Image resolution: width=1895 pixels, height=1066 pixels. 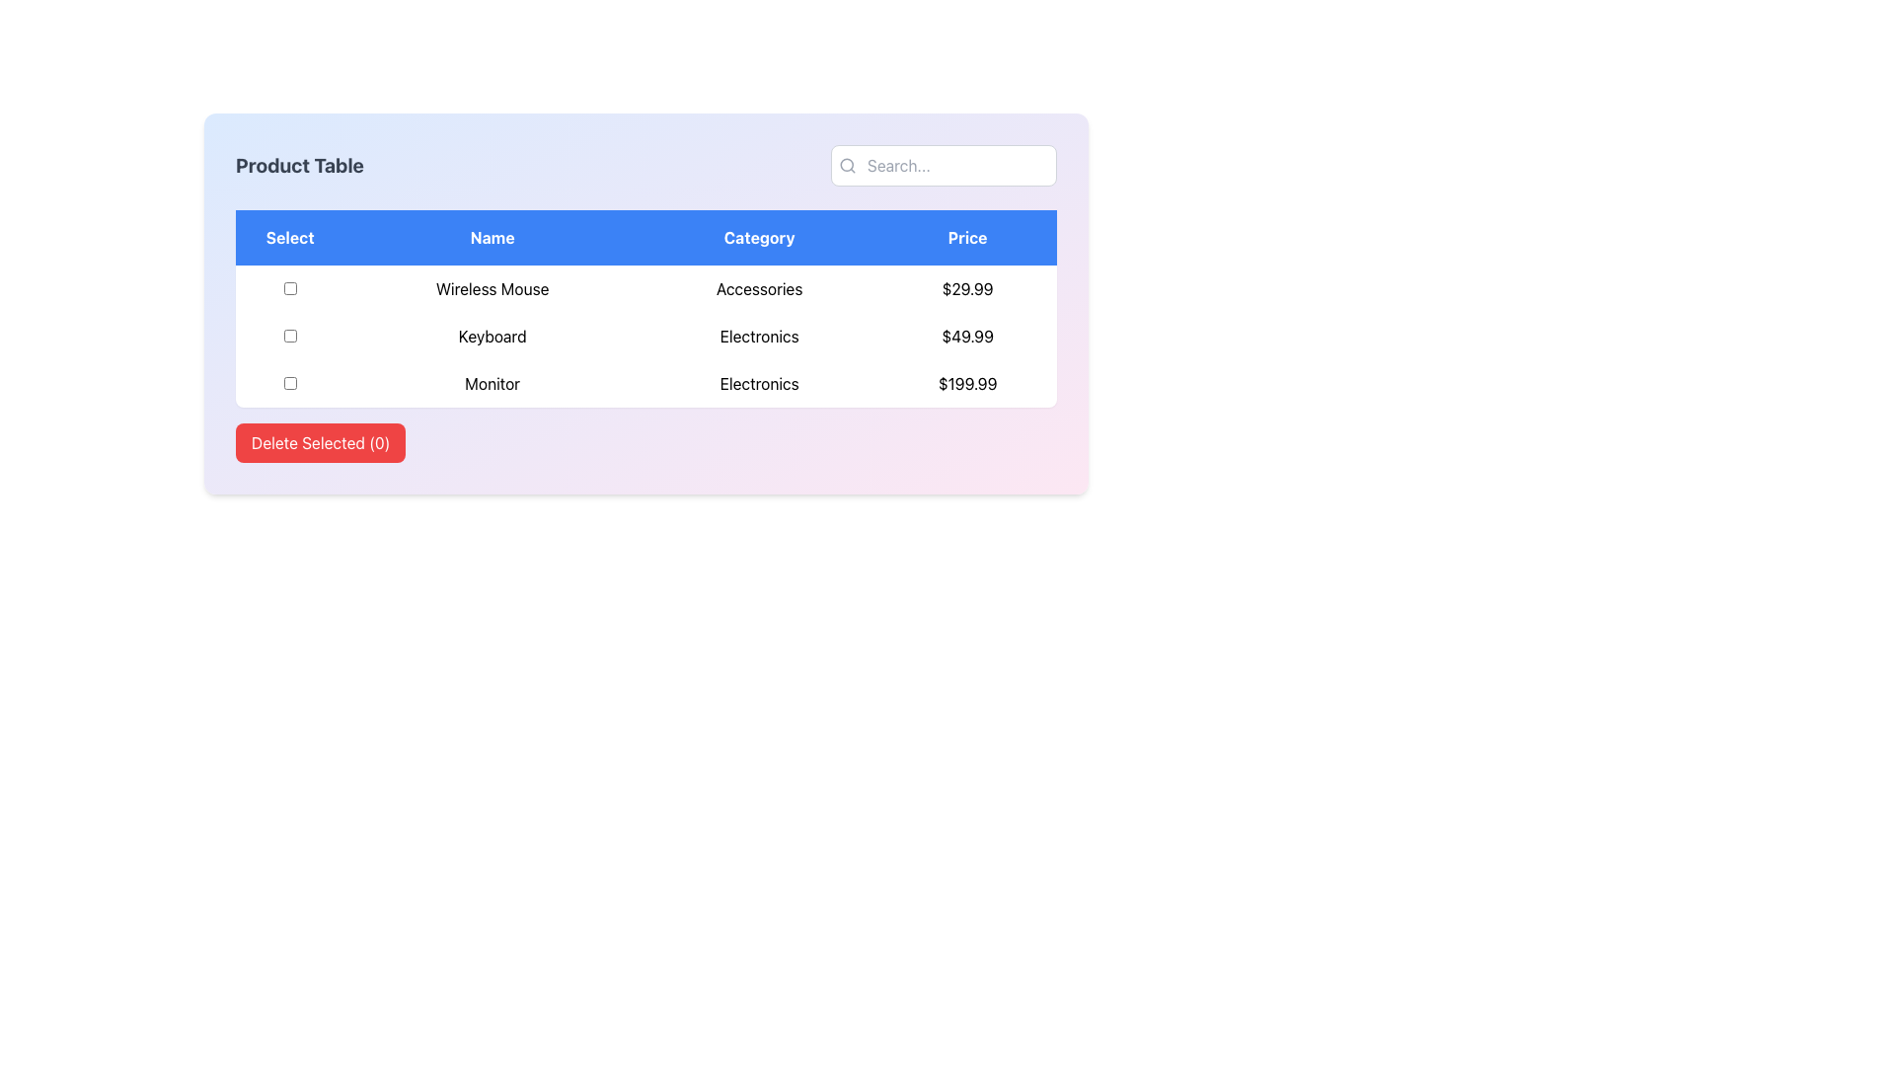 What do you see at coordinates (758, 236) in the screenshot?
I see `the 'Category' table header, which is the third column header in a four-column layout, displayed in bold white text on a blue background` at bounding box center [758, 236].